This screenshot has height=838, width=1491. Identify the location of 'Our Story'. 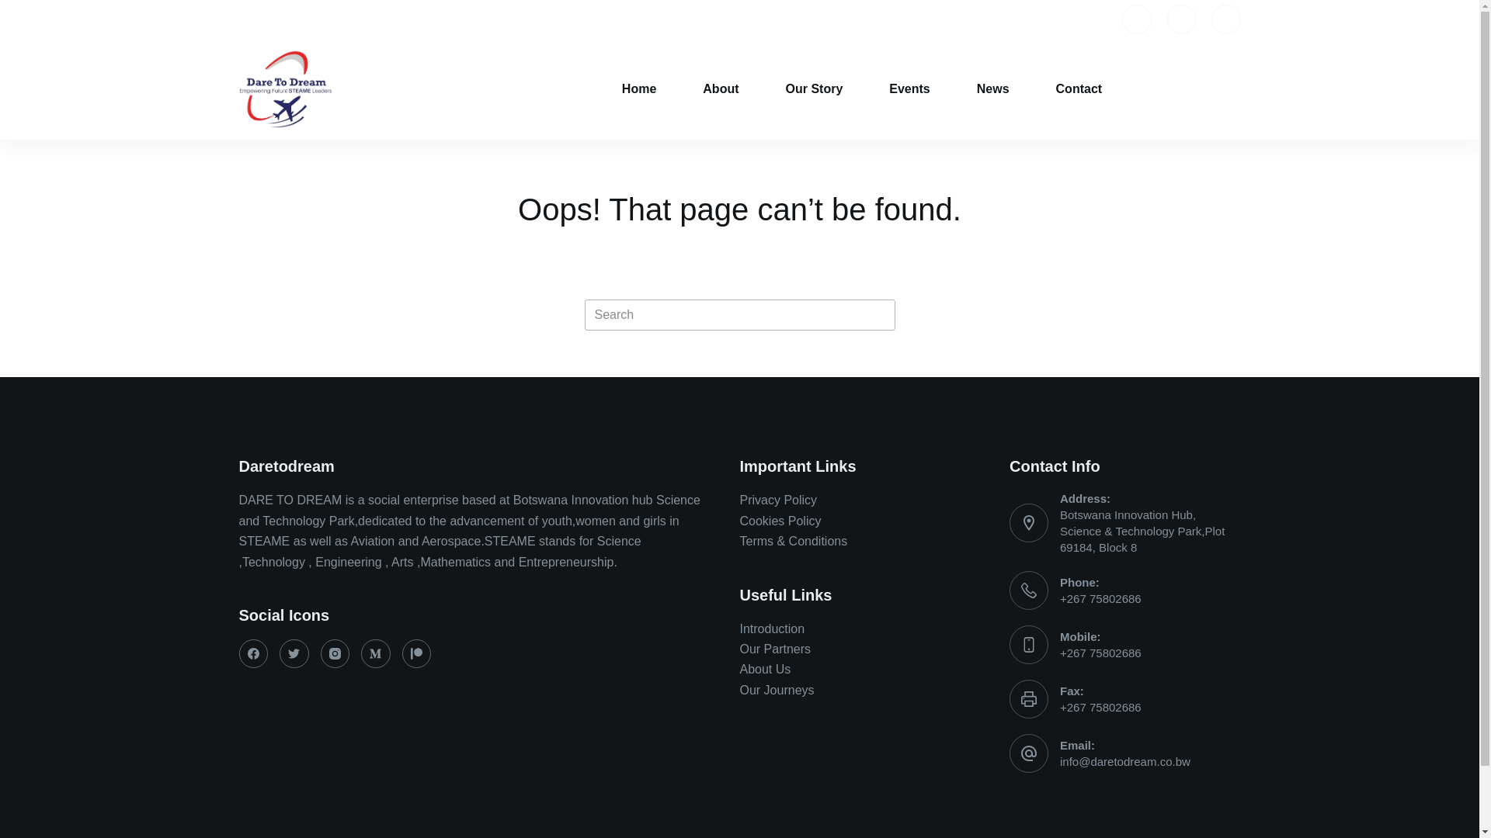
(763, 89).